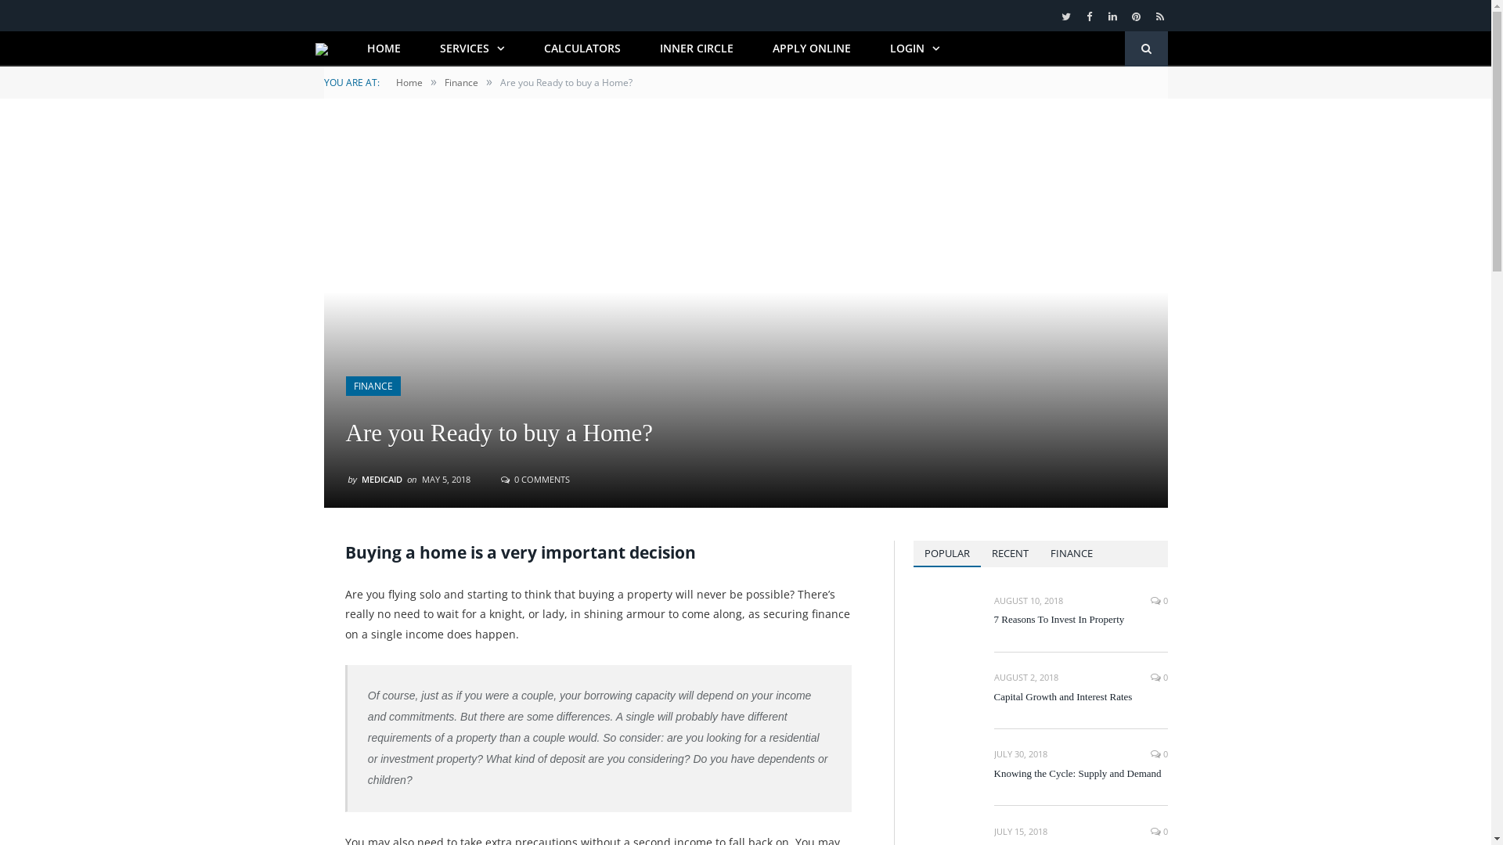  Describe the element at coordinates (1104, 17) in the screenshot. I see `'LinkedIn'` at that location.